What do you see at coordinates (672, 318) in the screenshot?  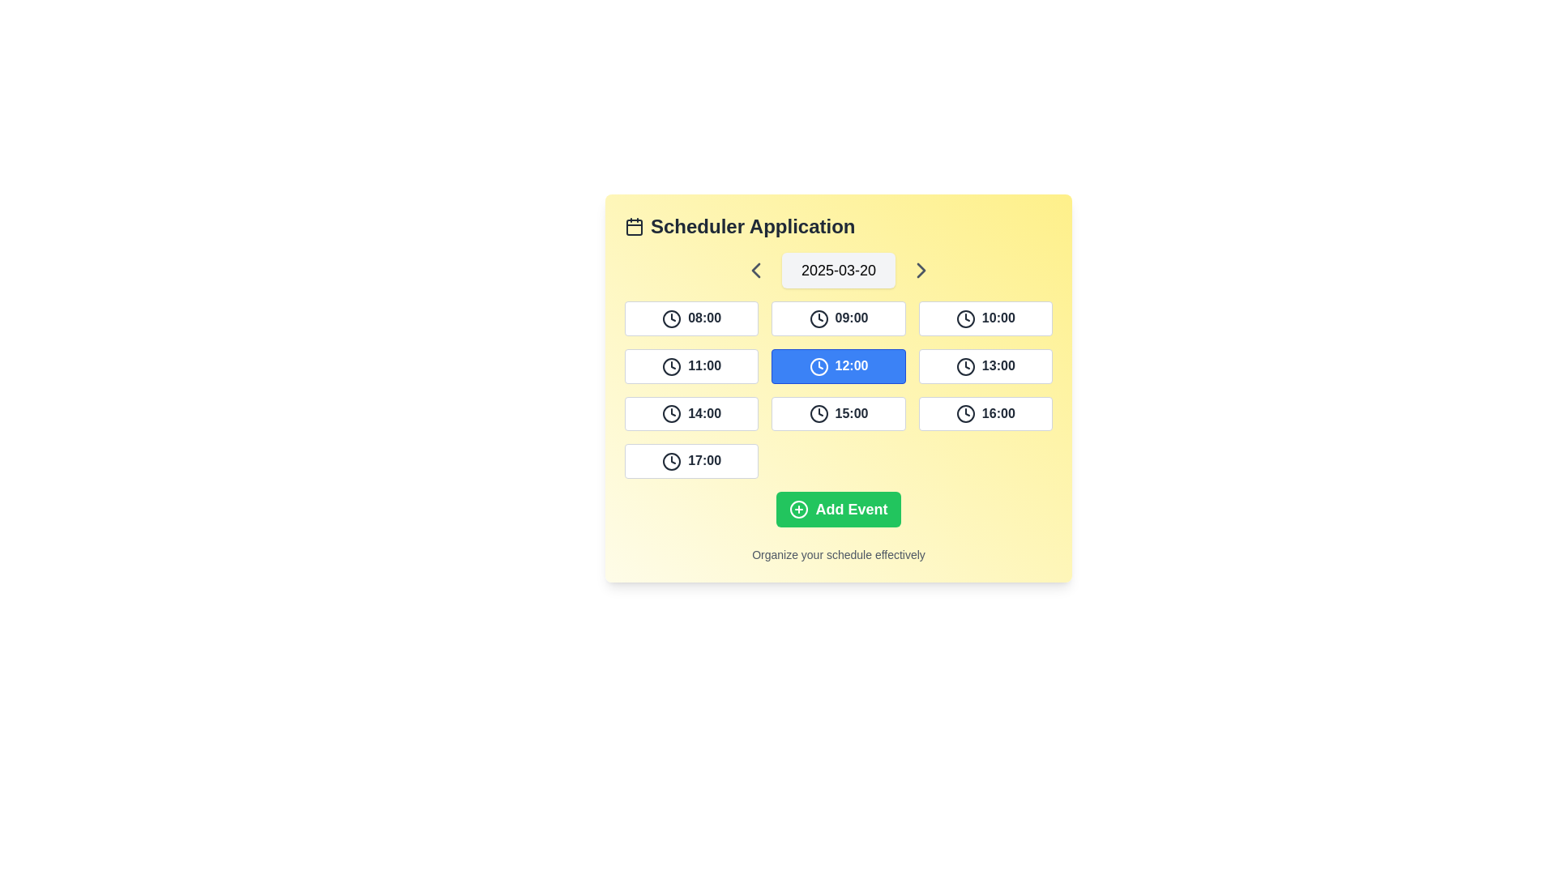 I see `the decorative icon associated with the time slot for '08:00', which is located at the top-left corner of the button in the Scheduler Application grid` at bounding box center [672, 318].